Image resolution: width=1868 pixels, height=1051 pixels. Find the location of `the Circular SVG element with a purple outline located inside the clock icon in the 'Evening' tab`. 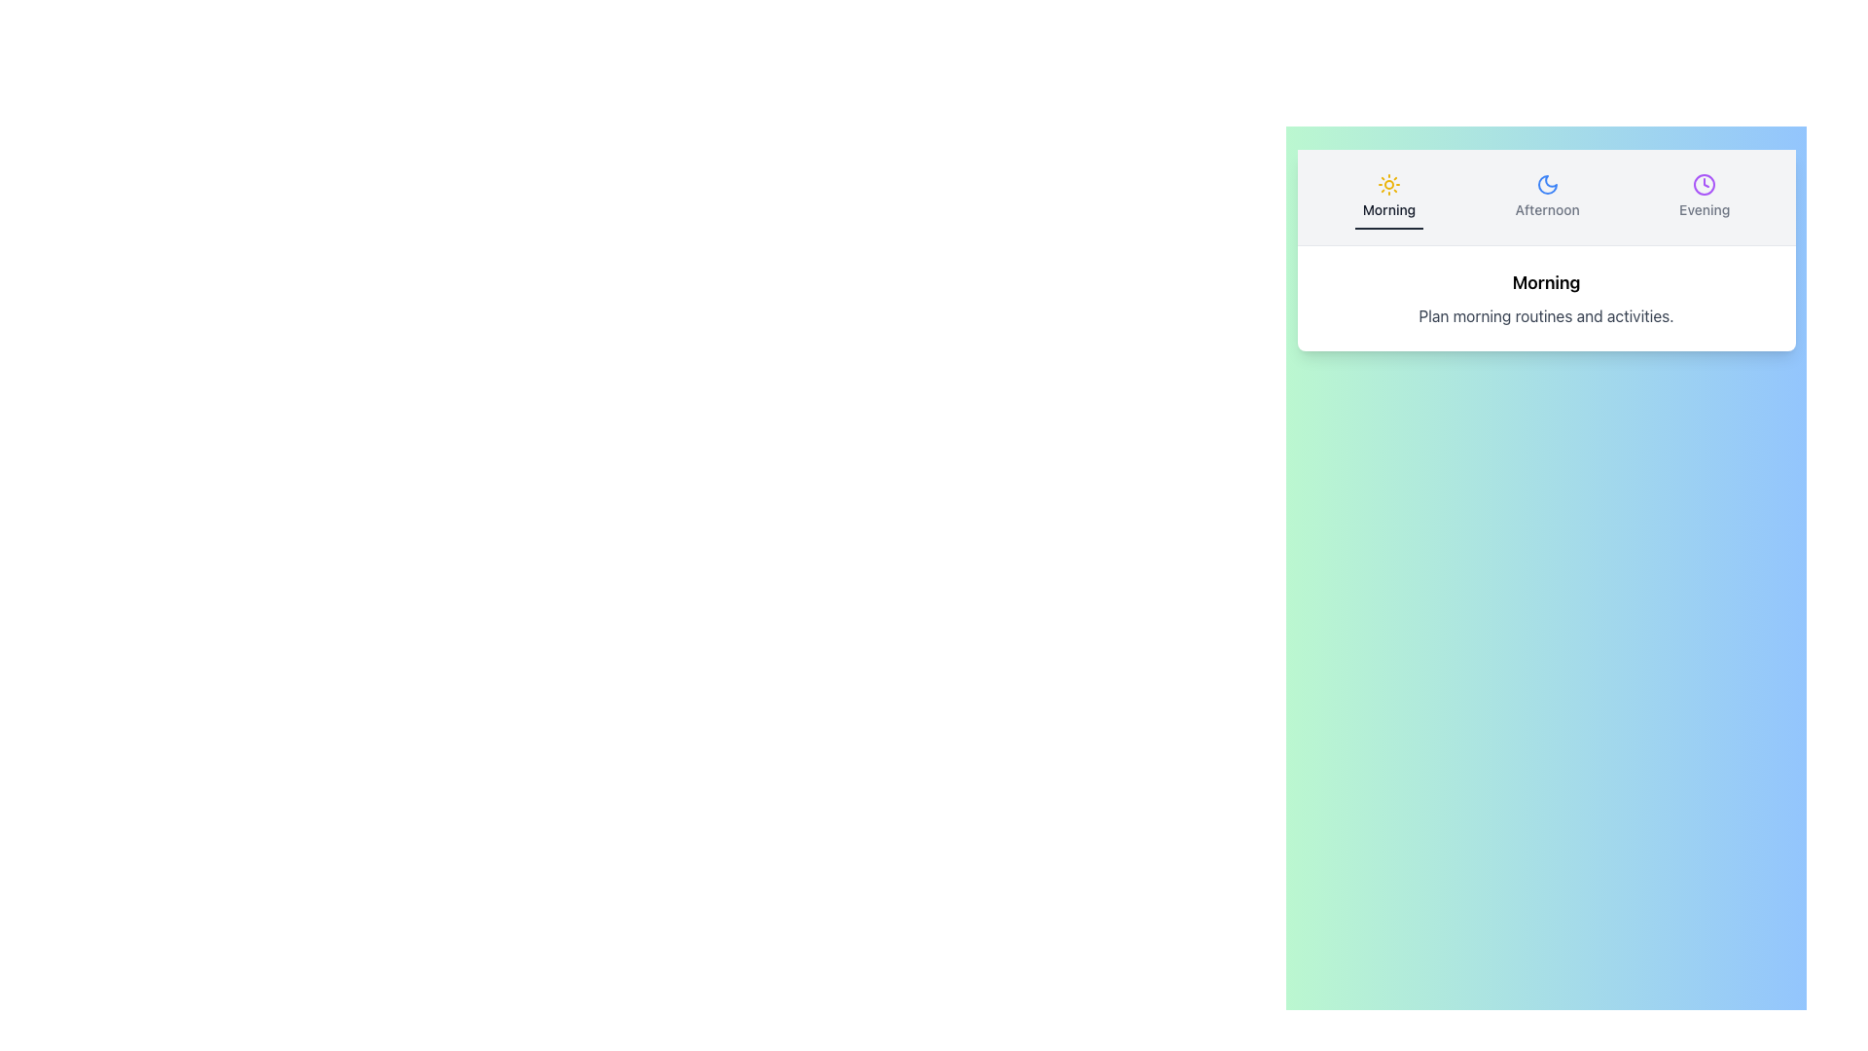

the Circular SVG element with a purple outline located inside the clock icon in the 'Evening' tab is located at coordinates (1704, 184).